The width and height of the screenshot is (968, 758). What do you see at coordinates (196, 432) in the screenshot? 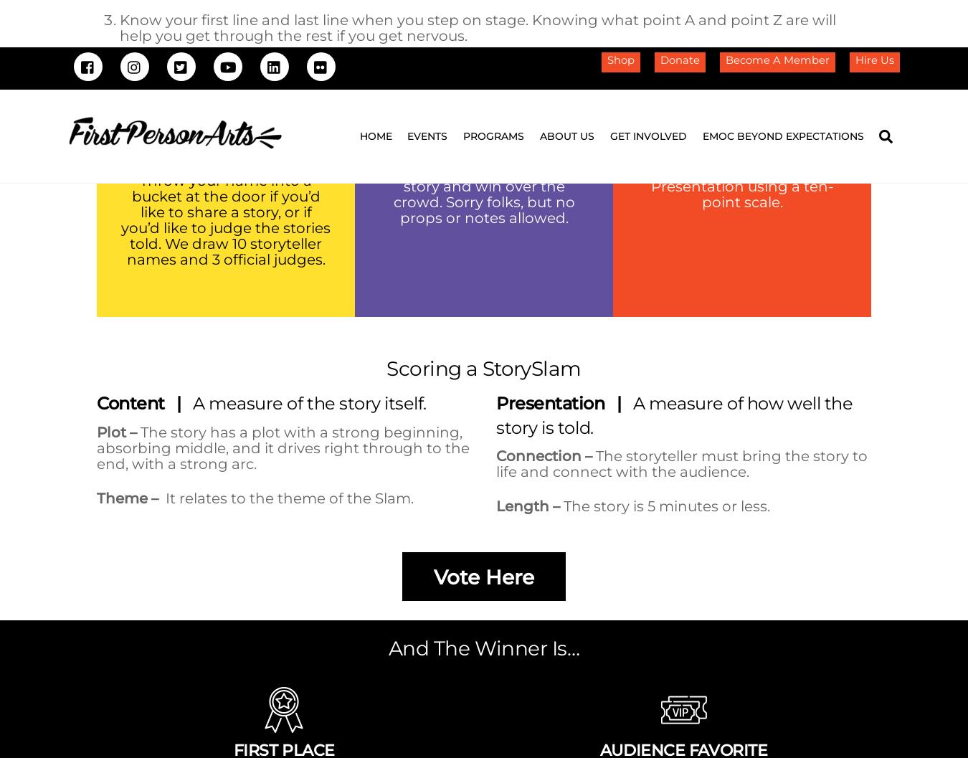
I see `'Info'` at bounding box center [196, 432].